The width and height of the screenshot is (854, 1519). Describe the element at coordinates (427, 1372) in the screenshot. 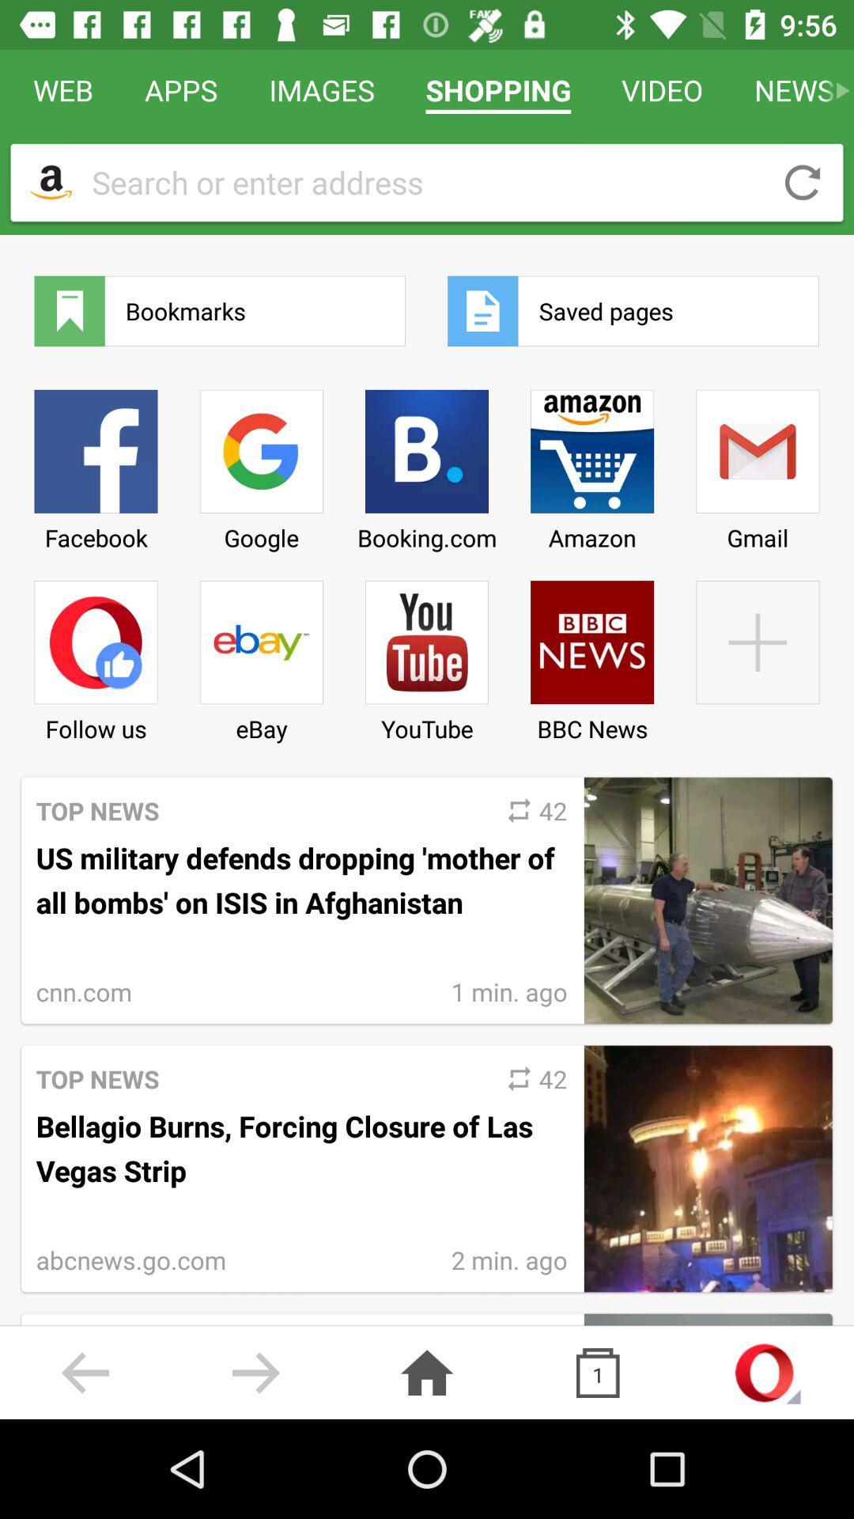

I see `the home icon` at that location.